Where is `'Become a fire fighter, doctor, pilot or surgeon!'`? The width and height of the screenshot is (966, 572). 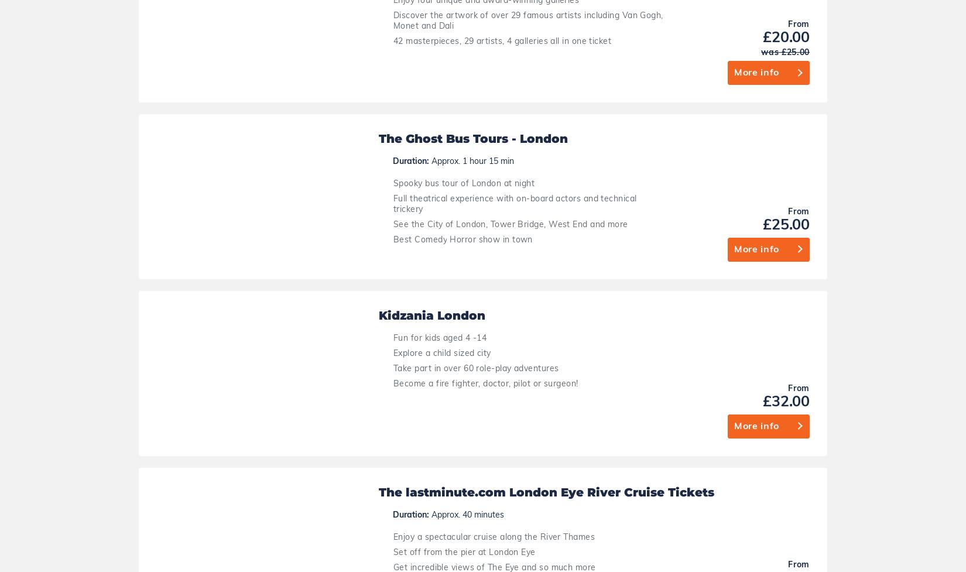
'Become a fire fighter, doctor, pilot or surgeon!' is located at coordinates (448, 83).